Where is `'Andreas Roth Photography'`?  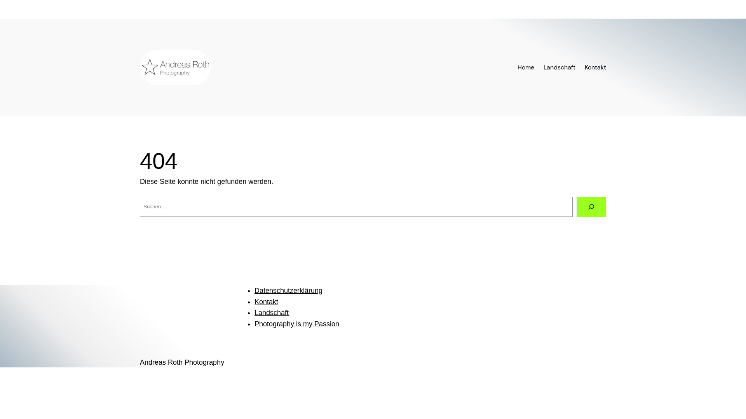
'Andreas Roth Photography' is located at coordinates (140, 362).